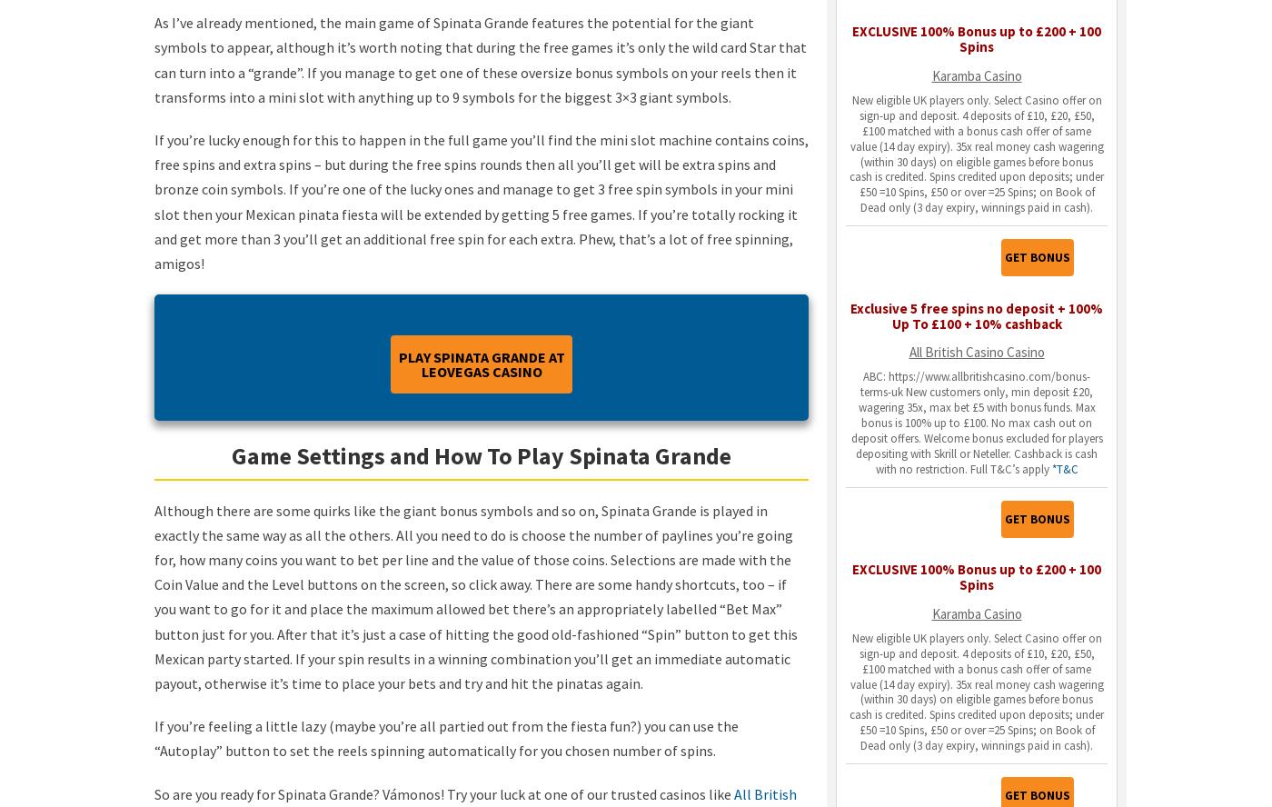 The height and width of the screenshot is (807, 1272). Describe the element at coordinates (976, 422) in the screenshot. I see `'ABC: https://www.allbritishcasino.com/bonus-terms-uk New customers only, min deposit £20, wagering 35x, max bet £5 with bonus funds. Max bonus is 100% up to £100. No max cash out on deposit offers. Welcome bonus excluded for players depositing with Skrill or Neteller. Cashback is cash with no restriction. Full T&C’s apply'` at that location.